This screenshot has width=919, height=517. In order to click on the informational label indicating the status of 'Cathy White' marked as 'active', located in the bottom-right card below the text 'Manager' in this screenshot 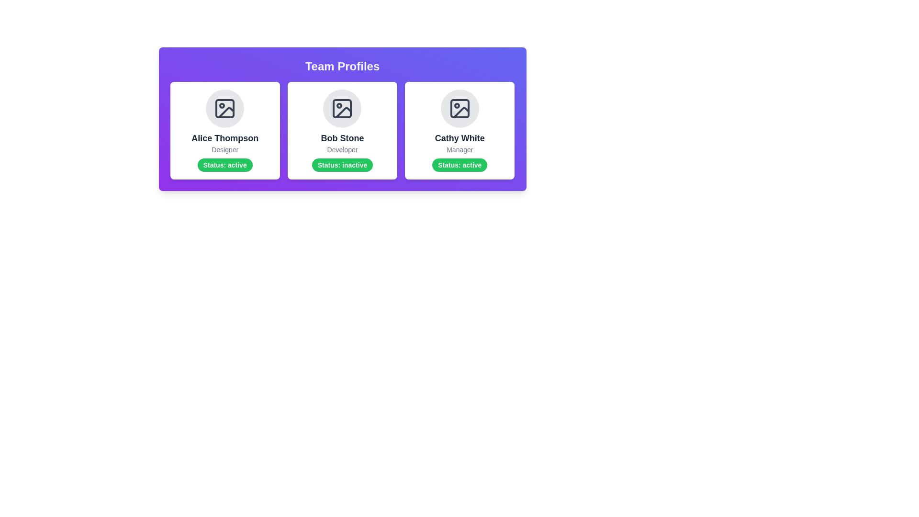, I will do `click(459, 164)`.